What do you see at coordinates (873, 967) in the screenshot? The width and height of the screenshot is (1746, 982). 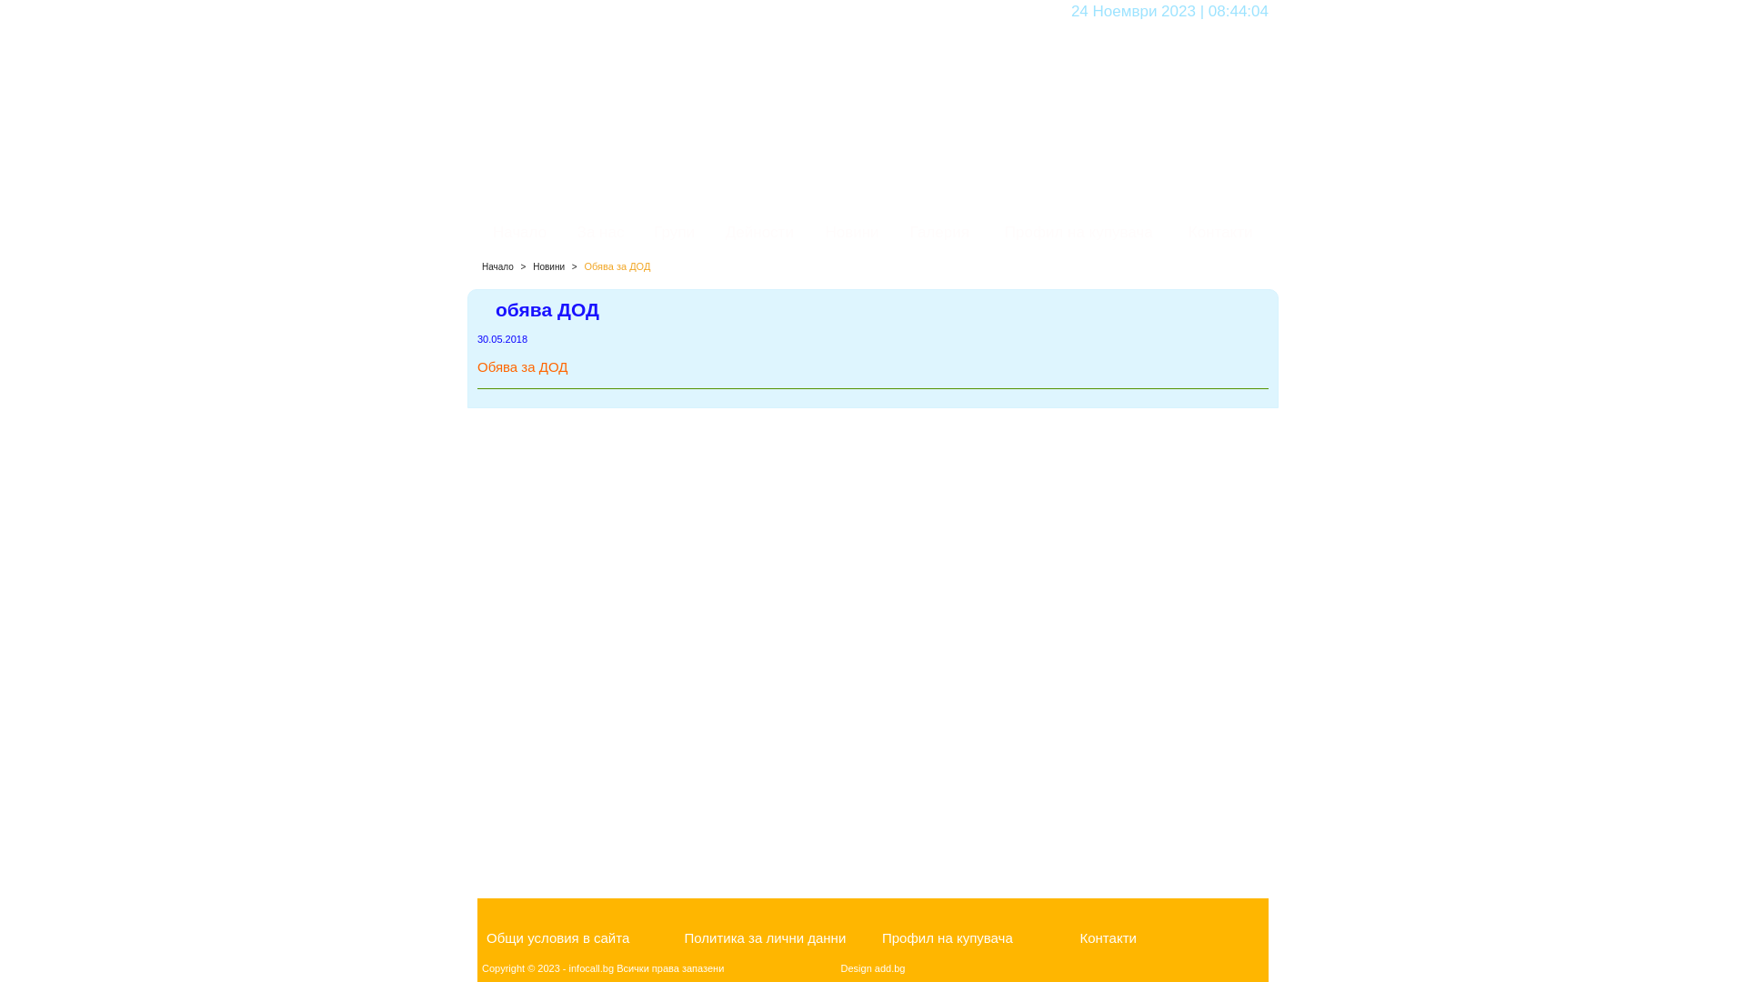 I see `'Design add.bg'` at bounding box center [873, 967].